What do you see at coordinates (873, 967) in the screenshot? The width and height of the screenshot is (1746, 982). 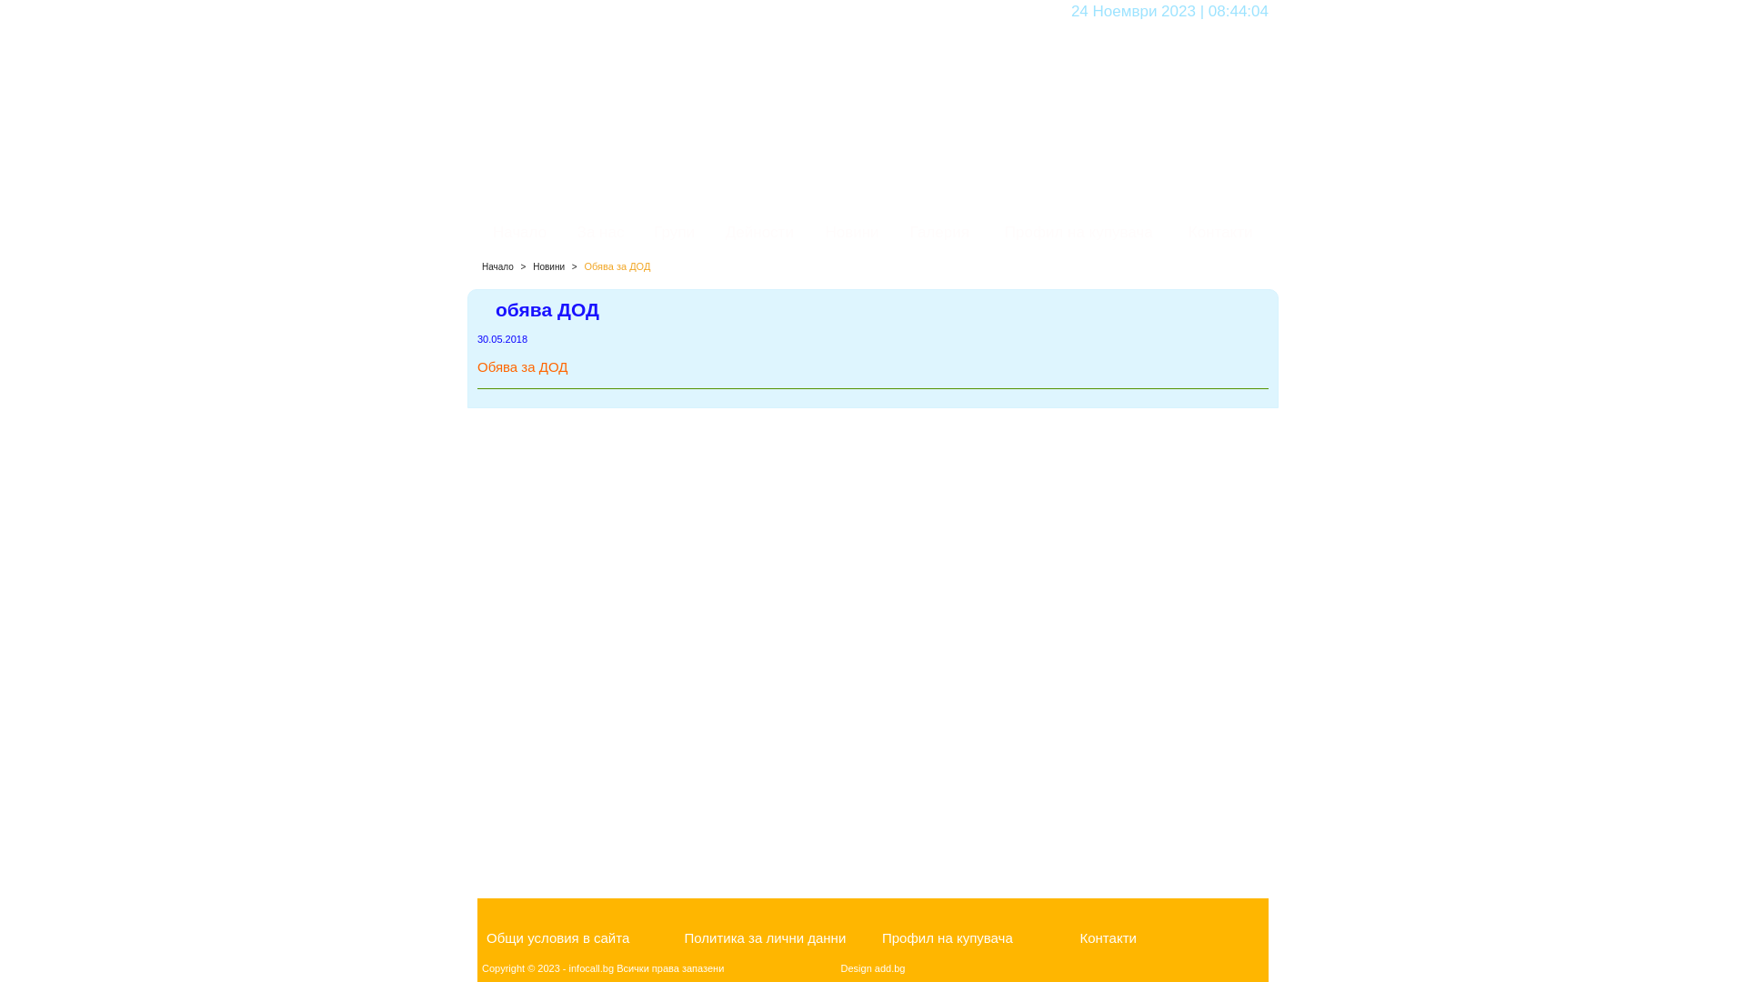 I see `'Design add.bg'` at bounding box center [873, 967].